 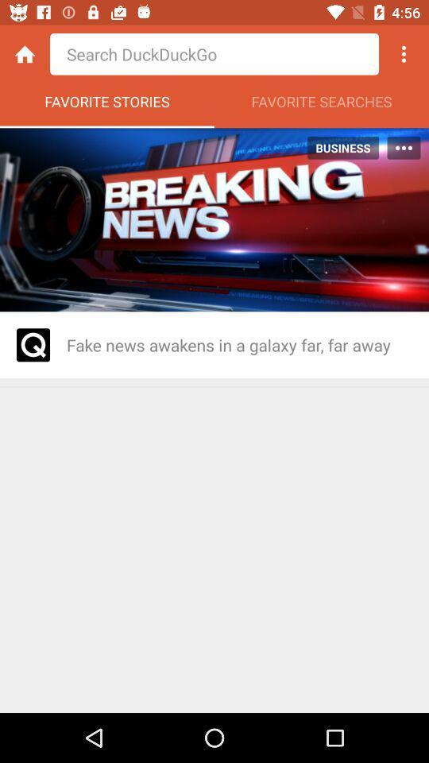 I want to click on open selected article, so click(x=33, y=345).